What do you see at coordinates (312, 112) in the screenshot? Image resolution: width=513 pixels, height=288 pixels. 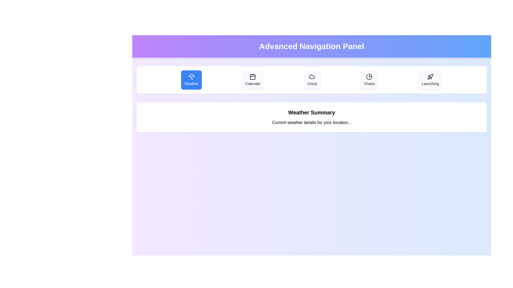 I see `the bold text header 'Weather Summary'` at bounding box center [312, 112].